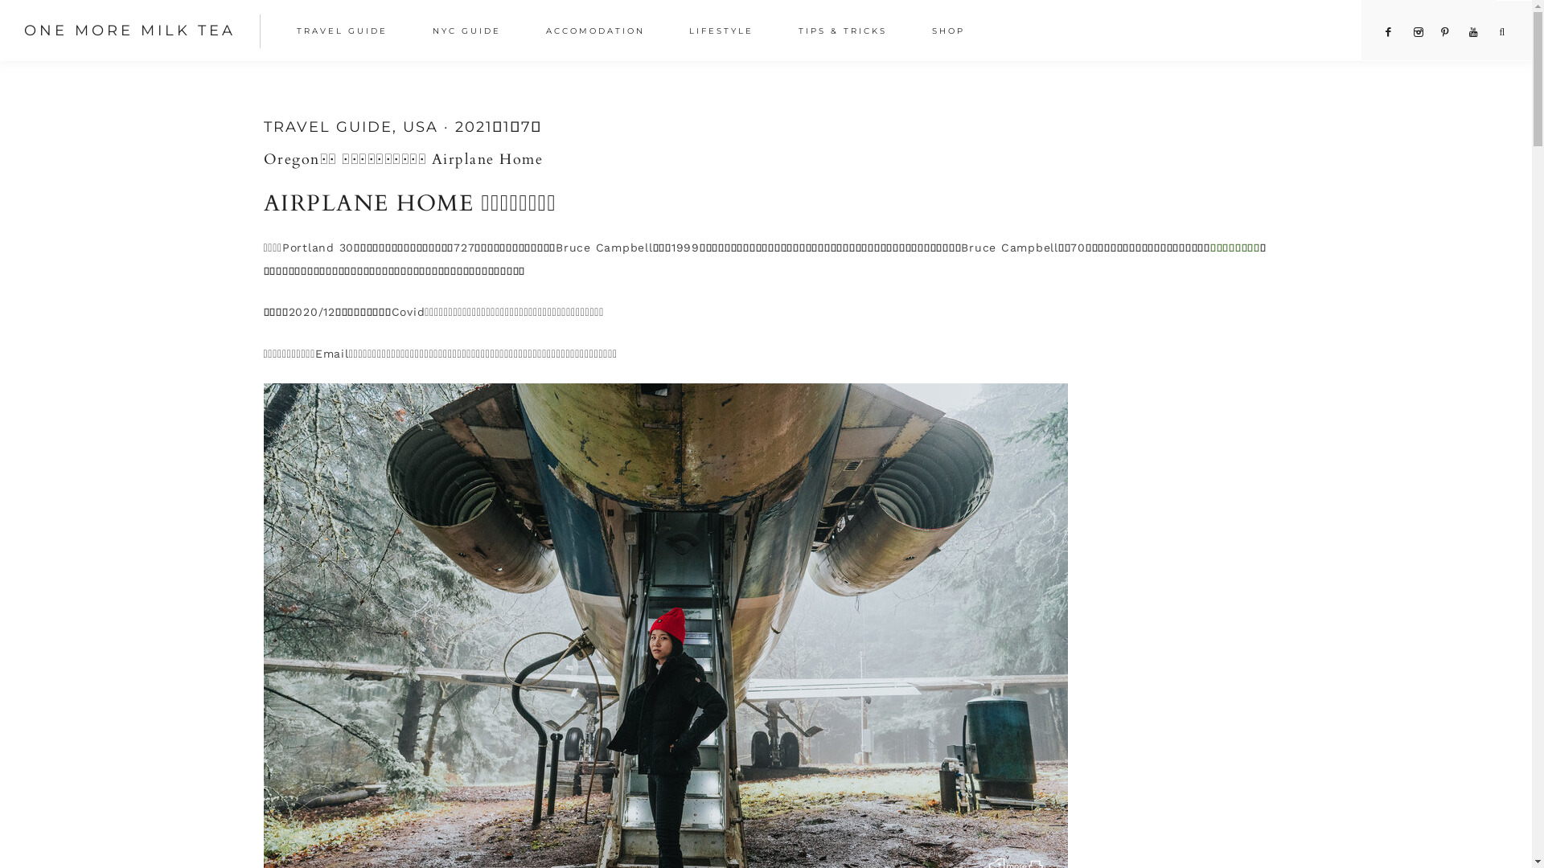  I want to click on 'ACCOMODATION', so click(528, 33).